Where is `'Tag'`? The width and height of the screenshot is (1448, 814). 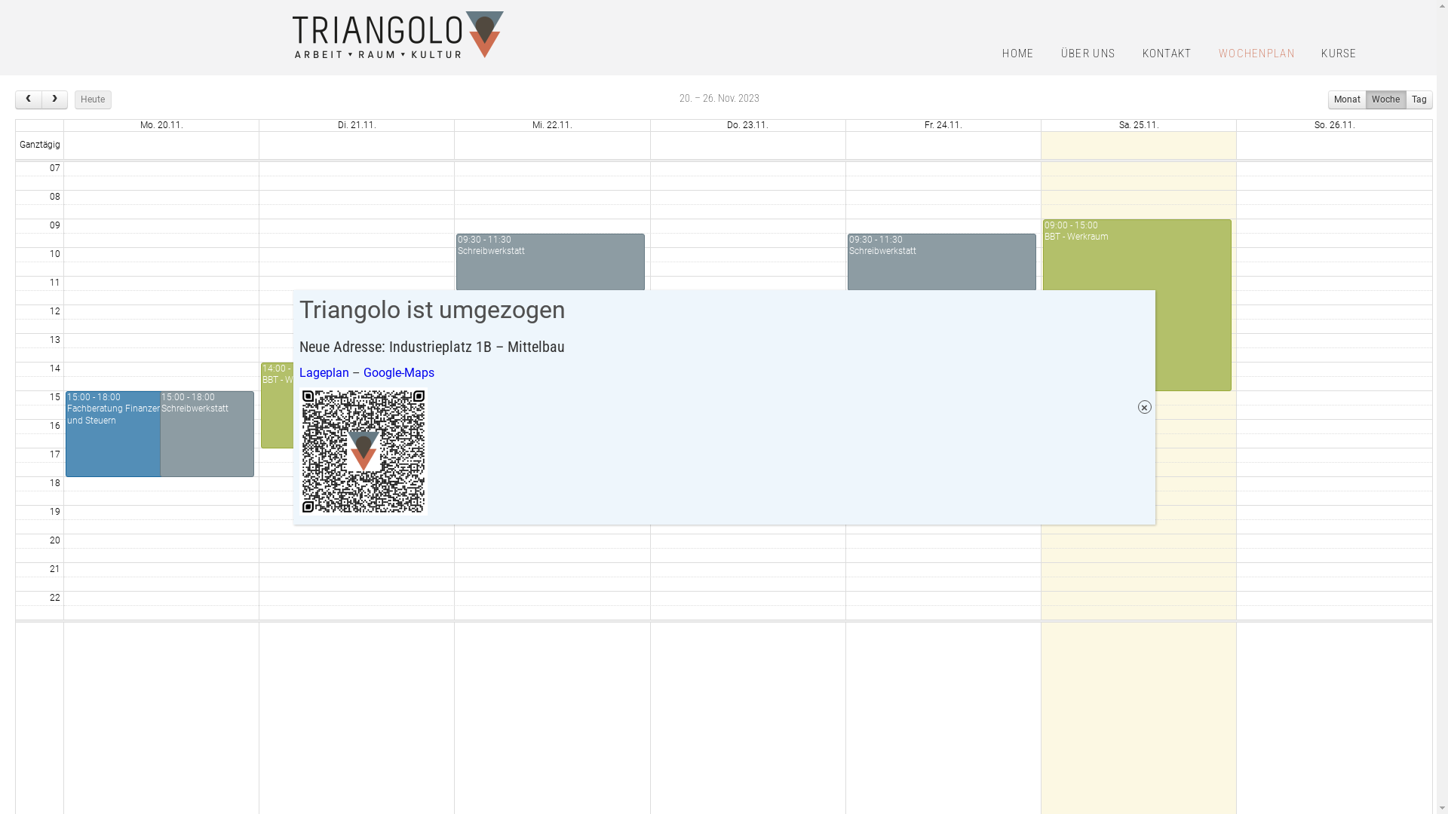
'Tag' is located at coordinates (1418, 99).